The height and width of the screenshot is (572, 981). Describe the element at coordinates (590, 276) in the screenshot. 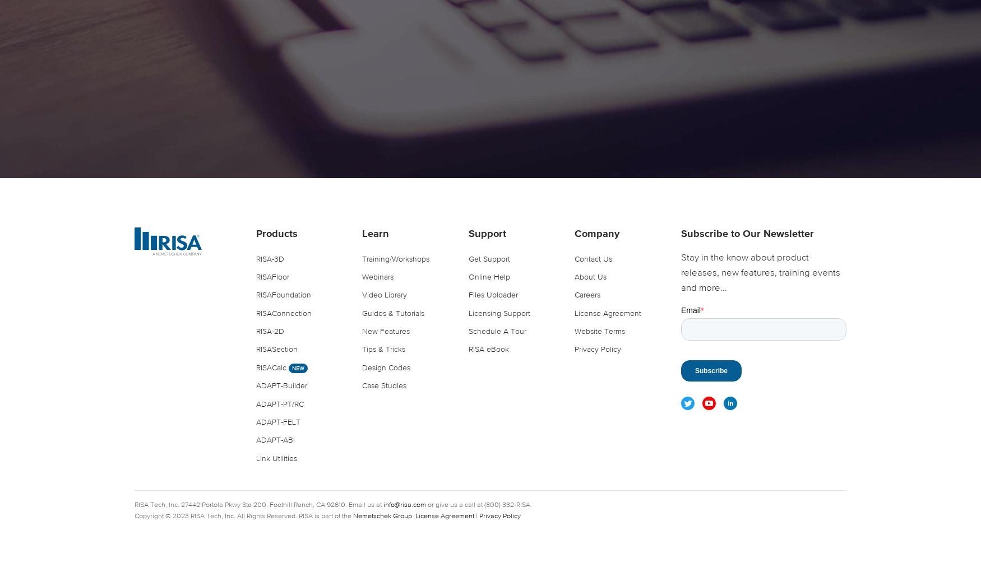

I see `'About Us'` at that location.